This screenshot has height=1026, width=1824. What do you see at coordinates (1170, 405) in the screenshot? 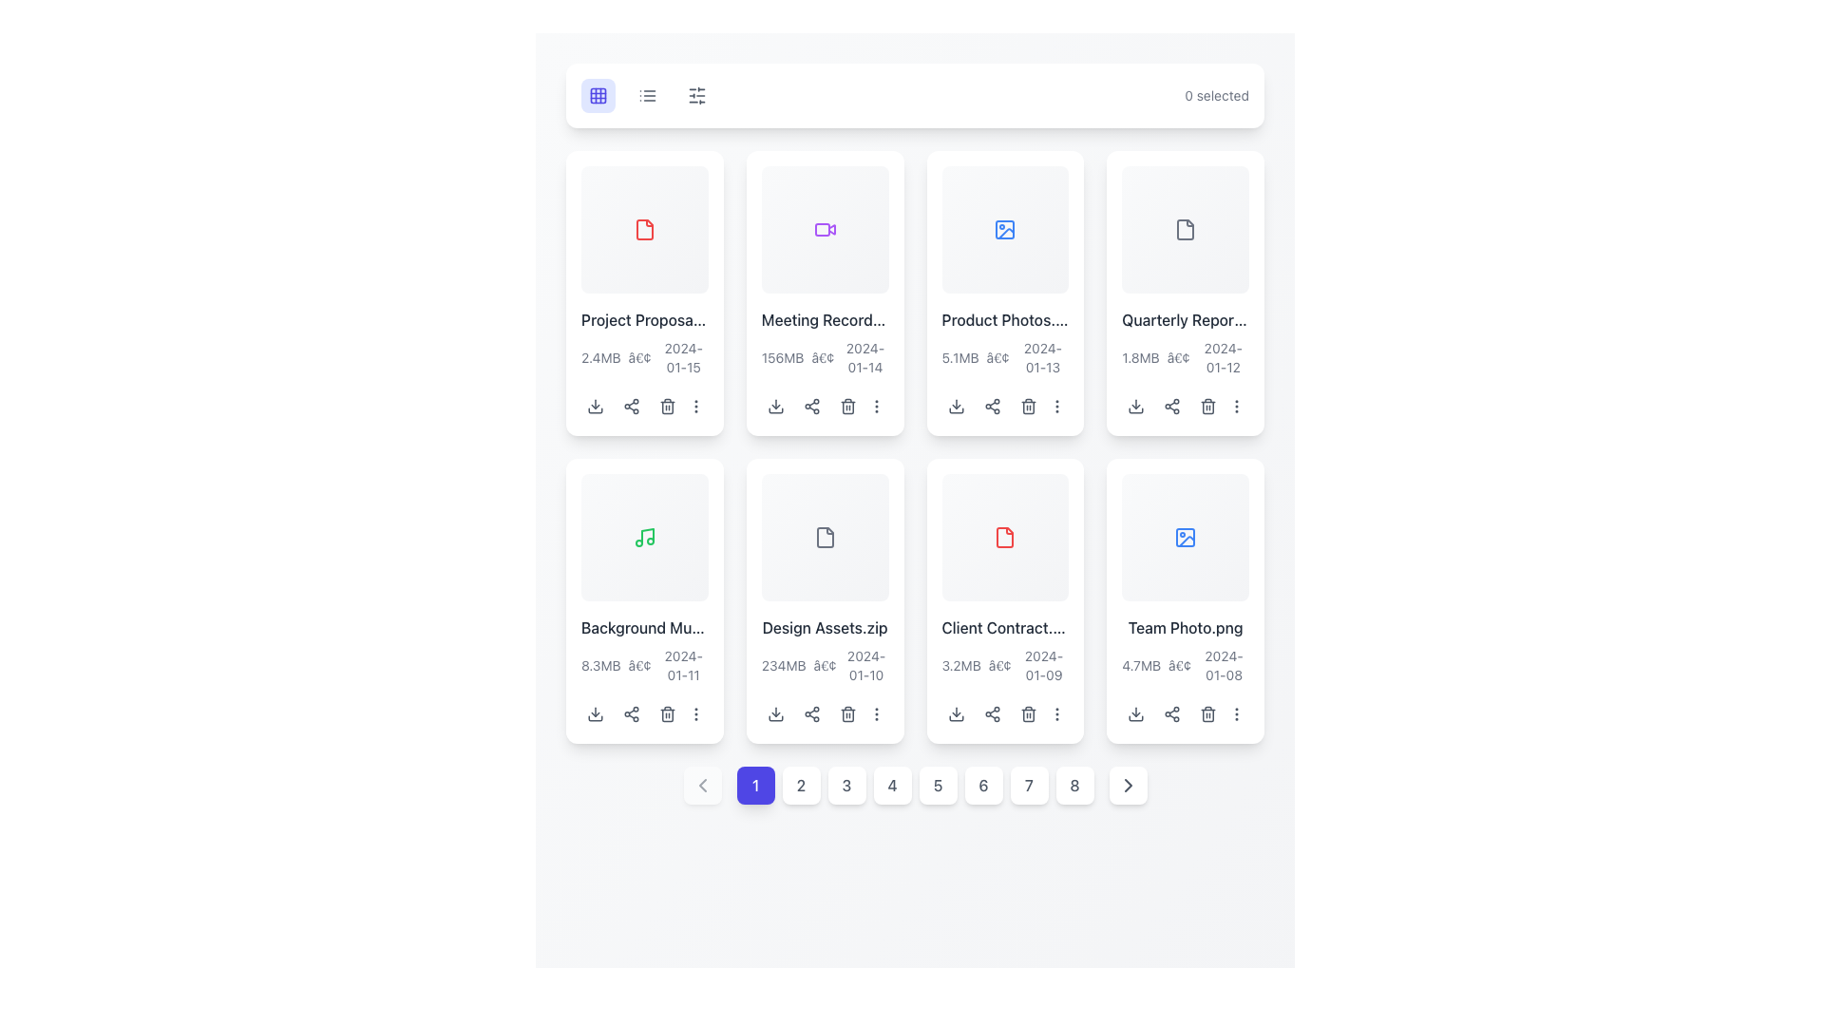
I see `the second interactive button in the row of three buttons below the card labeled 'Quarterly Report.pdf'` at bounding box center [1170, 405].